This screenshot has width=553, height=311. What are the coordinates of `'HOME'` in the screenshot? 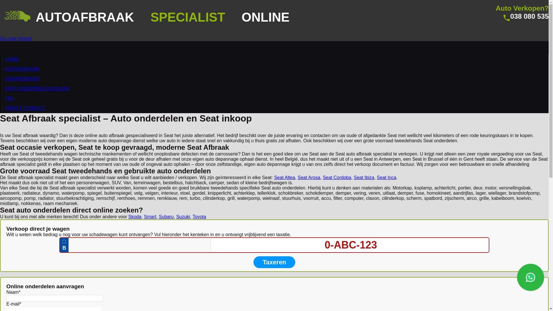 It's located at (12, 59).